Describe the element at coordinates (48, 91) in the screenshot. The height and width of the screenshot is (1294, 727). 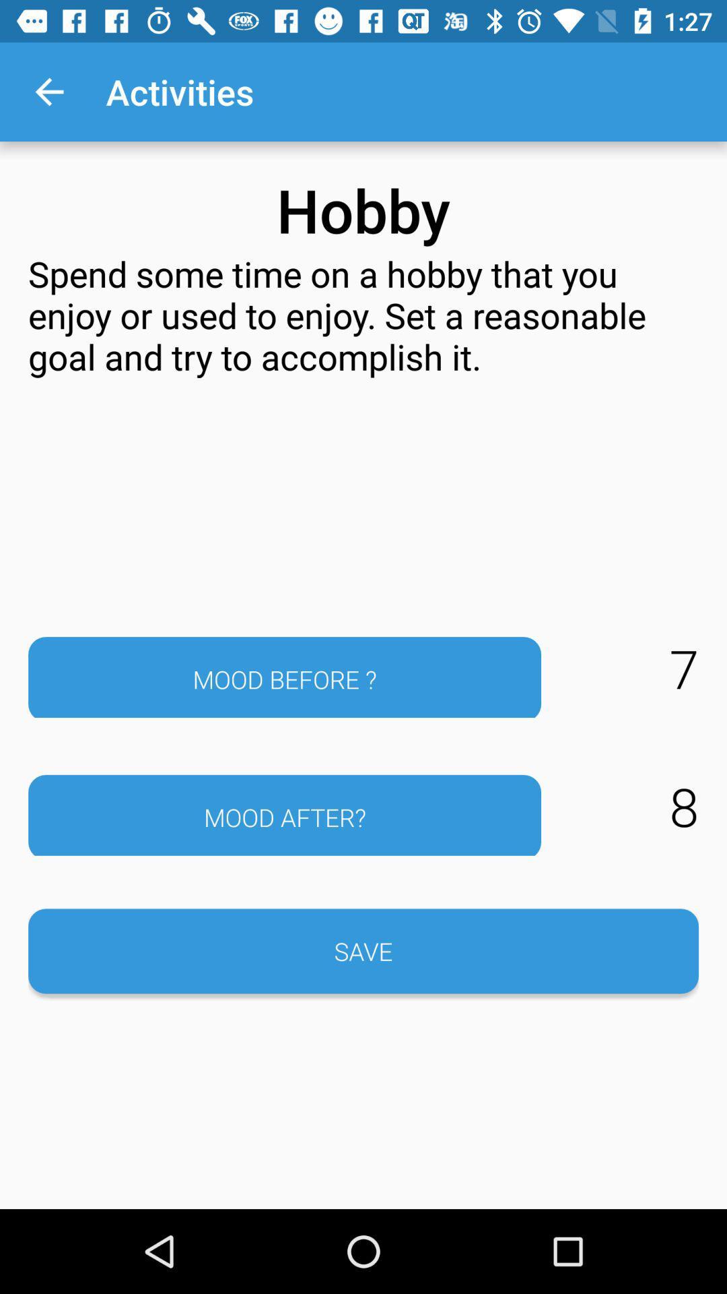
I see `the app to the left of activities icon` at that location.